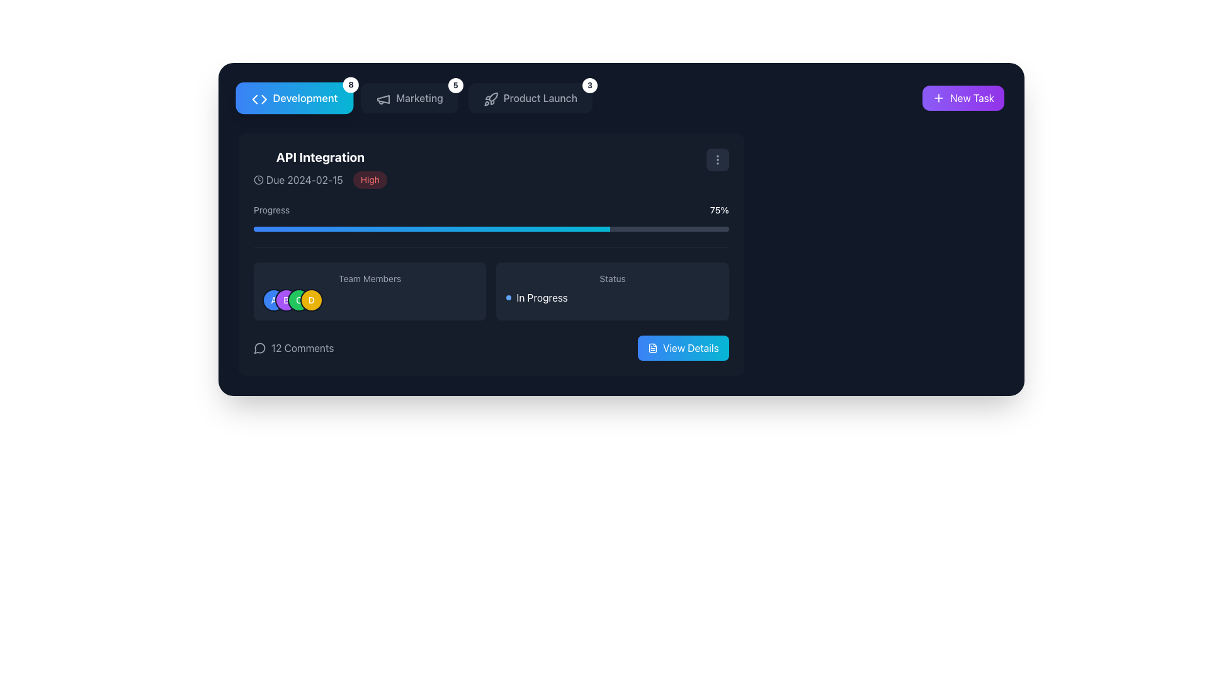  What do you see at coordinates (383, 99) in the screenshot?
I see `the megaphone icon located in the 'Marketing' tab of the top navigation bar, which is styled with thin strokes and light gray color on a dark background` at bounding box center [383, 99].